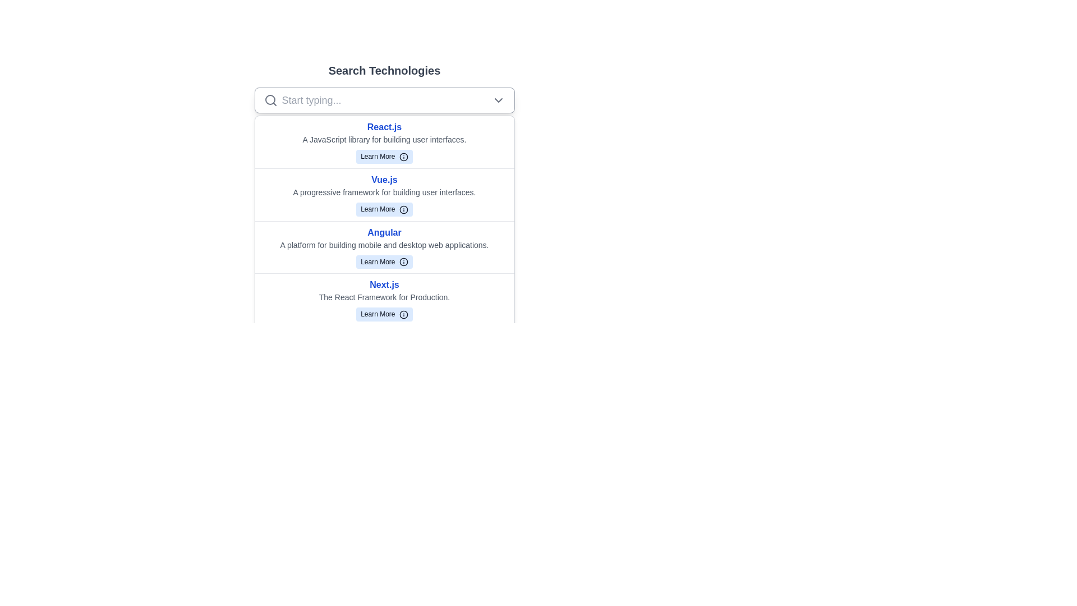  I want to click on the title text label of the third list item in the 'Search Technologies' vertical list, which represents the name of the technology, so click(384, 232).